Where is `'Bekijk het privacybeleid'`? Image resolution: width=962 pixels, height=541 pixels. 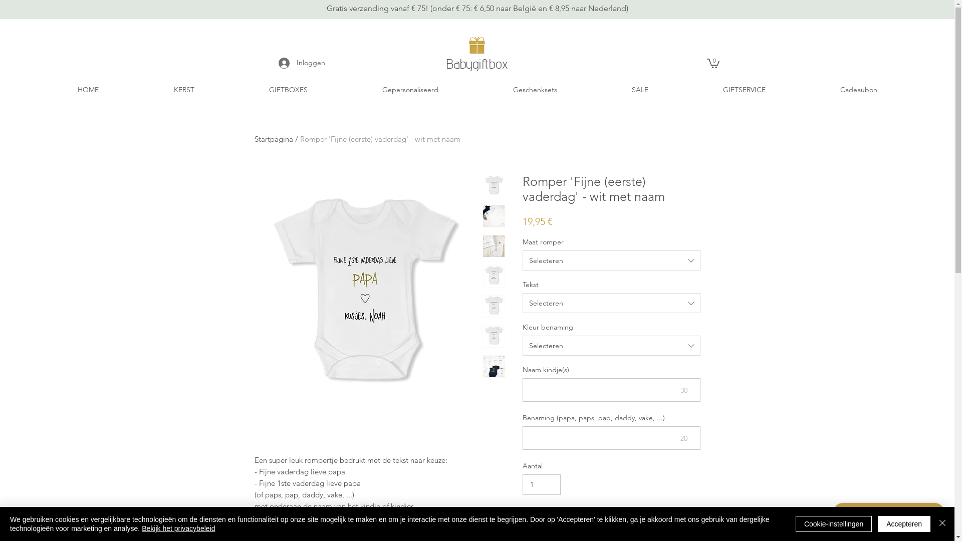 'Bekijk het privacybeleid' is located at coordinates (178, 528).